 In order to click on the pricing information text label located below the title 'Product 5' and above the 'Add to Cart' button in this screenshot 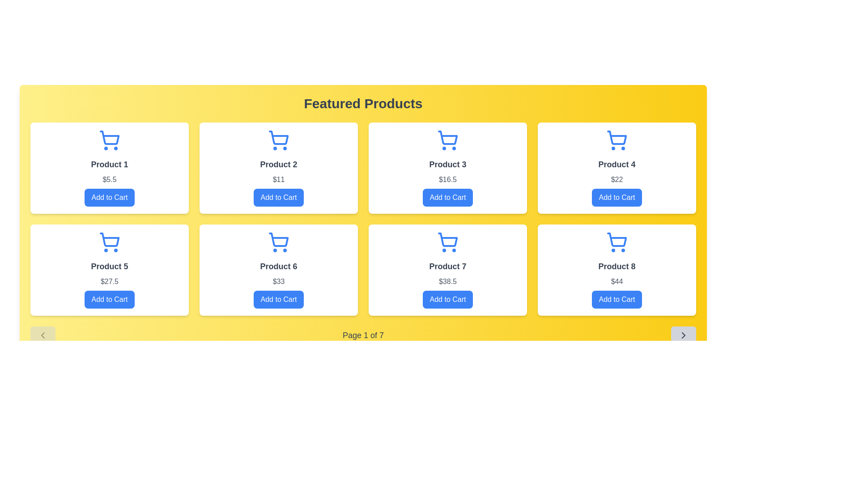, I will do `click(109, 281)`.